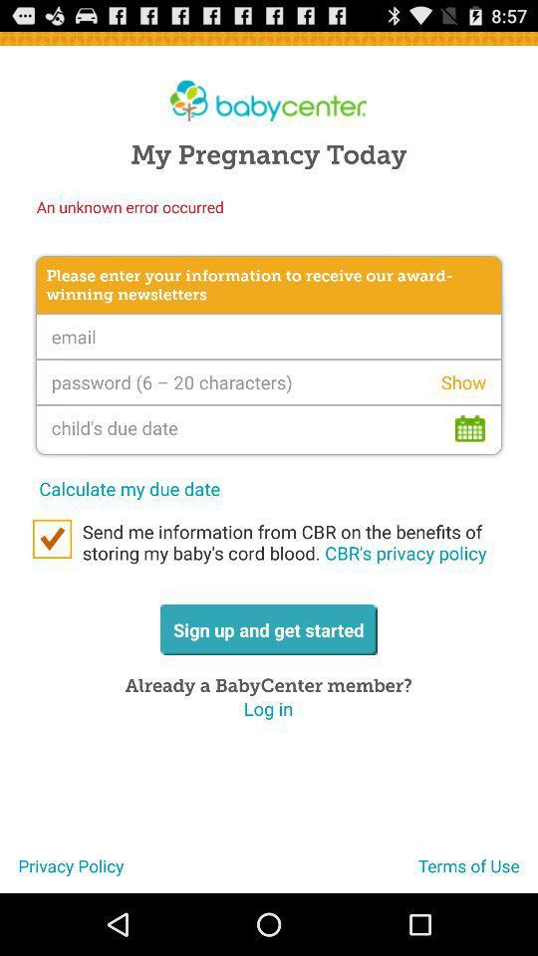 Image resolution: width=538 pixels, height=956 pixels. Describe the element at coordinates (269, 429) in the screenshot. I see `babys due date` at that location.